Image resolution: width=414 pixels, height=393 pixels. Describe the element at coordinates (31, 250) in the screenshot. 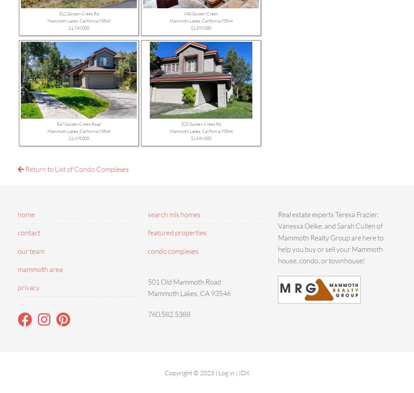

I see `'our team'` at that location.